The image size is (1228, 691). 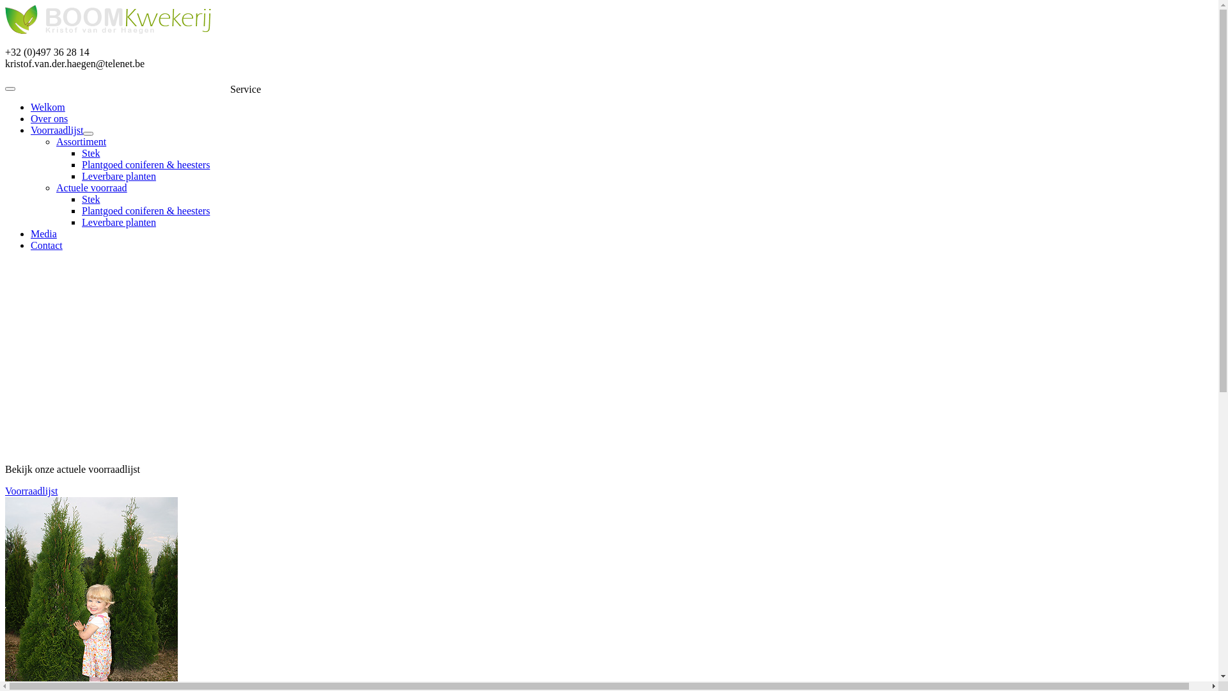 What do you see at coordinates (81, 152) in the screenshot?
I see `'Stek'` at bounding box center [81, 152].